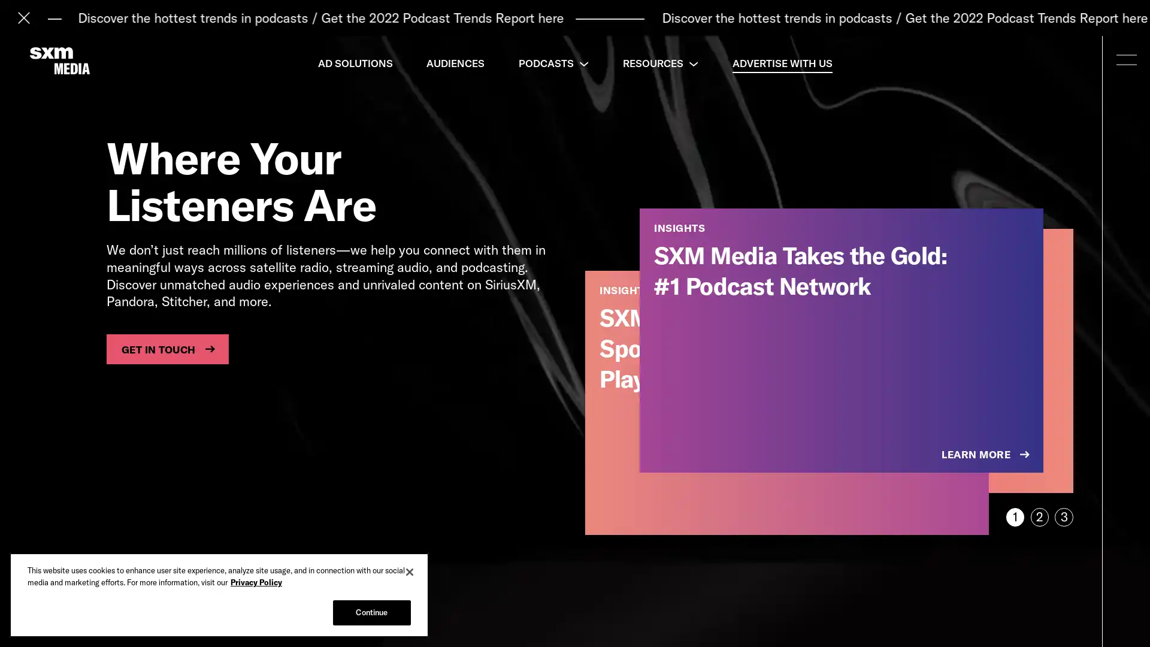 The height and width of the screenshot is (647, 1150). What do you see at coordinates (1014, 516) in the screenshot?
I see `1` at bounding box center [1014, 516].